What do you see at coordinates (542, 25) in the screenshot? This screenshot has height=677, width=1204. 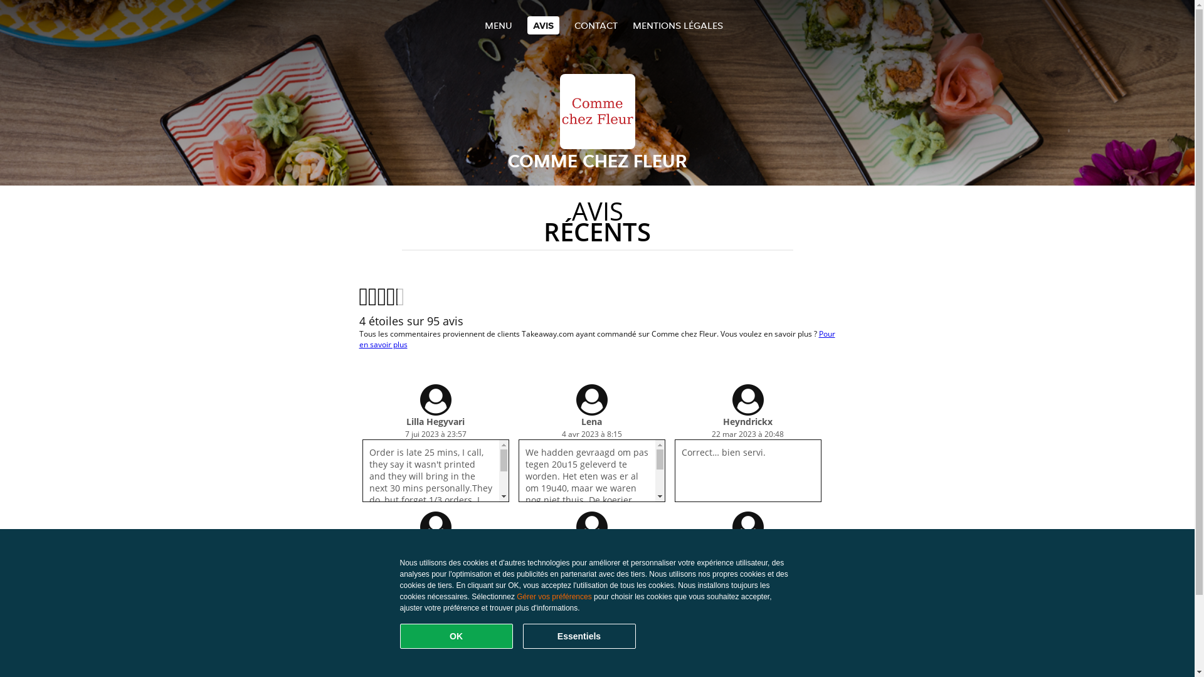 I see `'AVIS'` at bounding box center [542, 25].